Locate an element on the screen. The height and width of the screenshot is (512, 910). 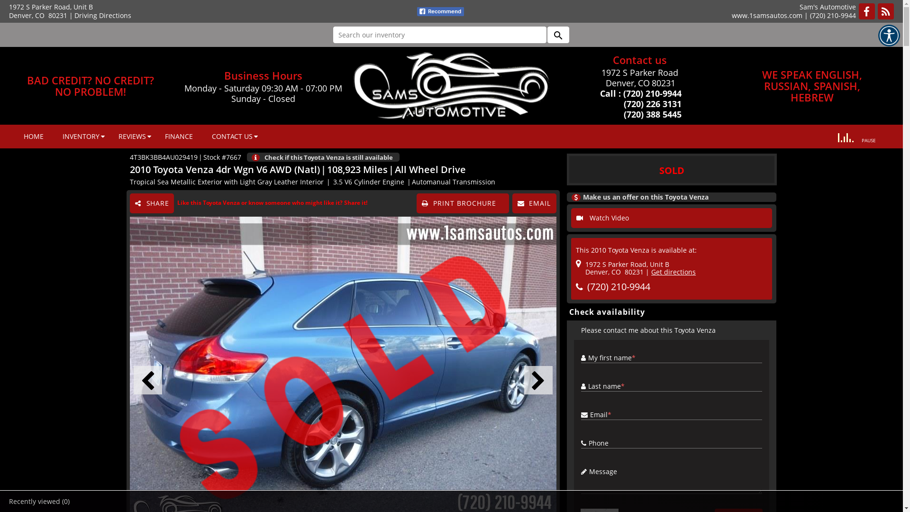
'Sam's Automotive, Denver, CO' is located at coordinates (451, 86).